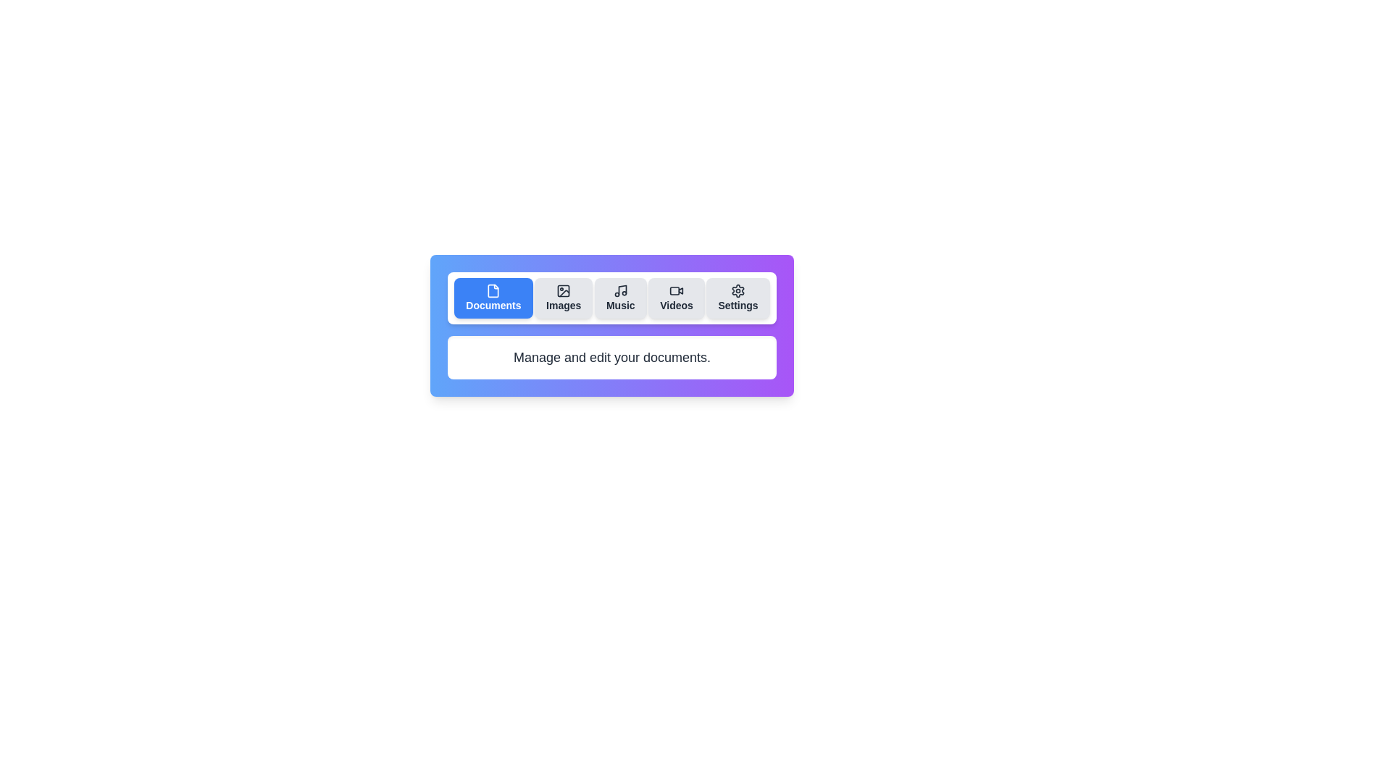 The image size is (1391, 782). Describe the element at coordinates (563, 298) in the screenshot. I see `the tab labeled Images` at that location.